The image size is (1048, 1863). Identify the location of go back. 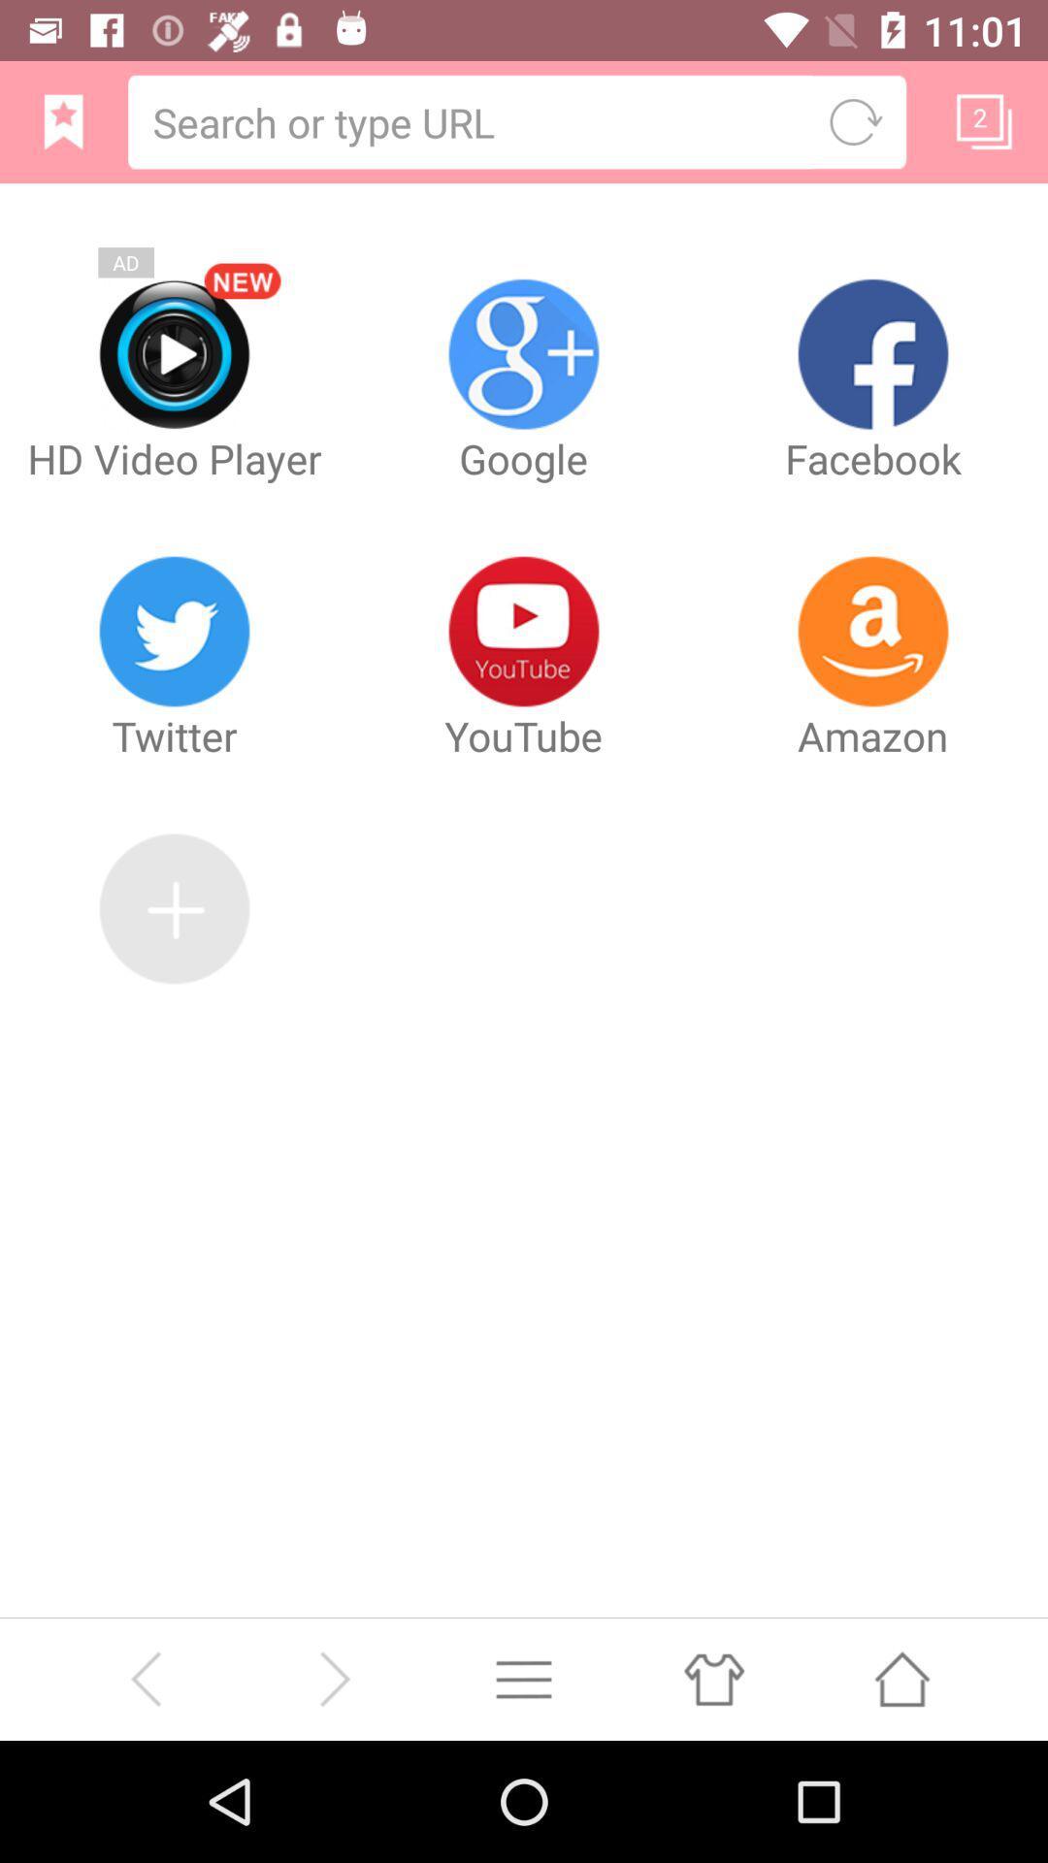
(145, 1678).